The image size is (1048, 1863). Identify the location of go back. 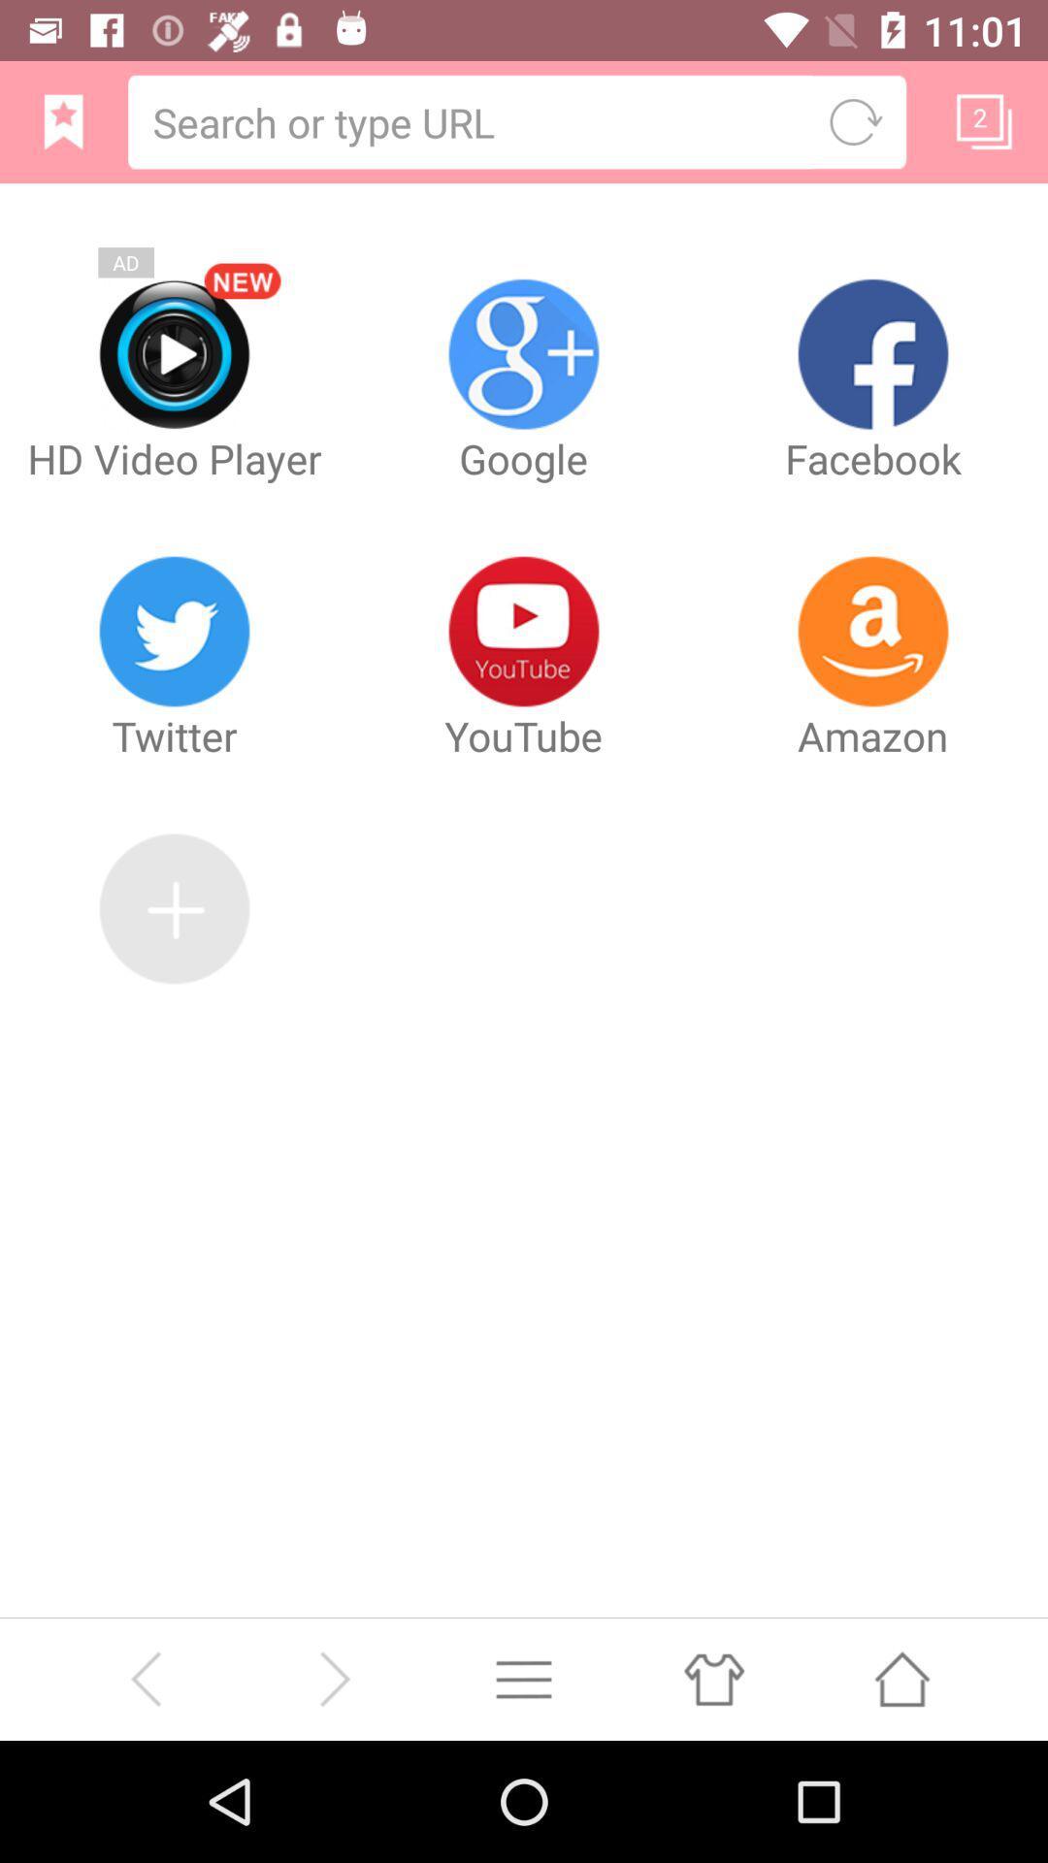
(145, 1678).